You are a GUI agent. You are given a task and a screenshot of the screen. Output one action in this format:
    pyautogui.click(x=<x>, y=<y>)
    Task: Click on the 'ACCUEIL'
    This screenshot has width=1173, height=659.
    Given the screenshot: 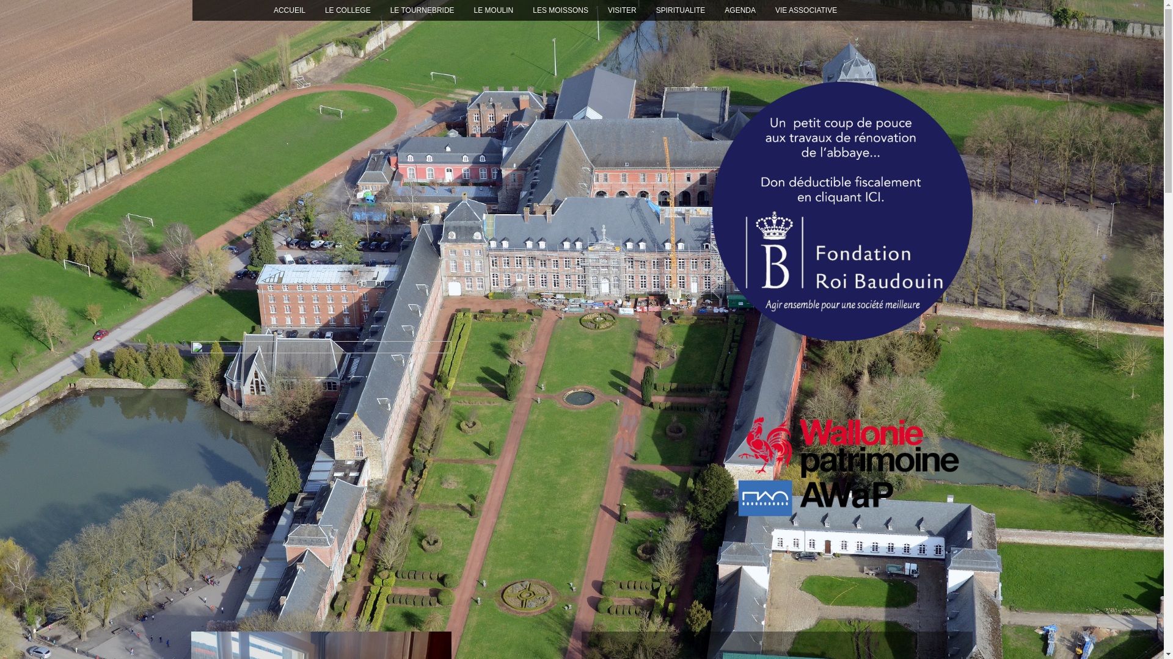 What is the action you would take?
    pyautogui.click(x=289, y=10)
    